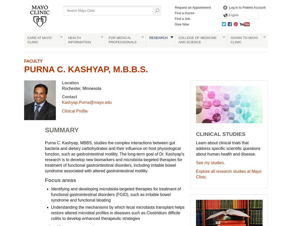 This screenshot has width=292, height=226. What do you see at coordinates (229, 174) in the screenshot?
I see `'Explore all research studies at Mayo Clinic.'` at bounding box center [229, 174].